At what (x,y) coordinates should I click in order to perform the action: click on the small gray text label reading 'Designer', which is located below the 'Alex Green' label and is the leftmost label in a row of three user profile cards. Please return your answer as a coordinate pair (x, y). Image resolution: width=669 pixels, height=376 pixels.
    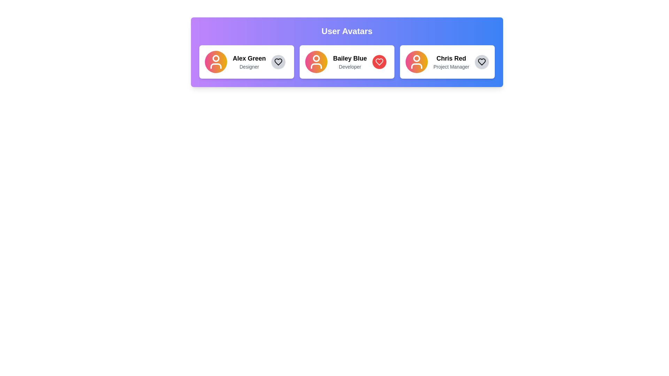
    Looking at the image, I should click on (249, 67).